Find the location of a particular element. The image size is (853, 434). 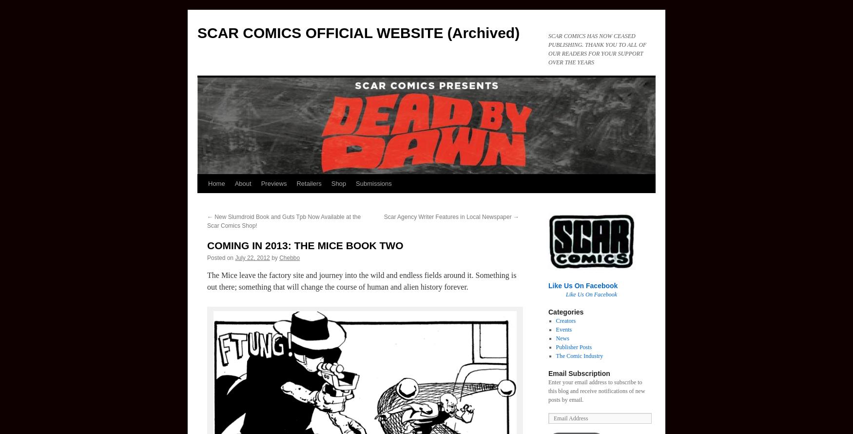

'Email Subscription' is located at coordinates (579, 374).